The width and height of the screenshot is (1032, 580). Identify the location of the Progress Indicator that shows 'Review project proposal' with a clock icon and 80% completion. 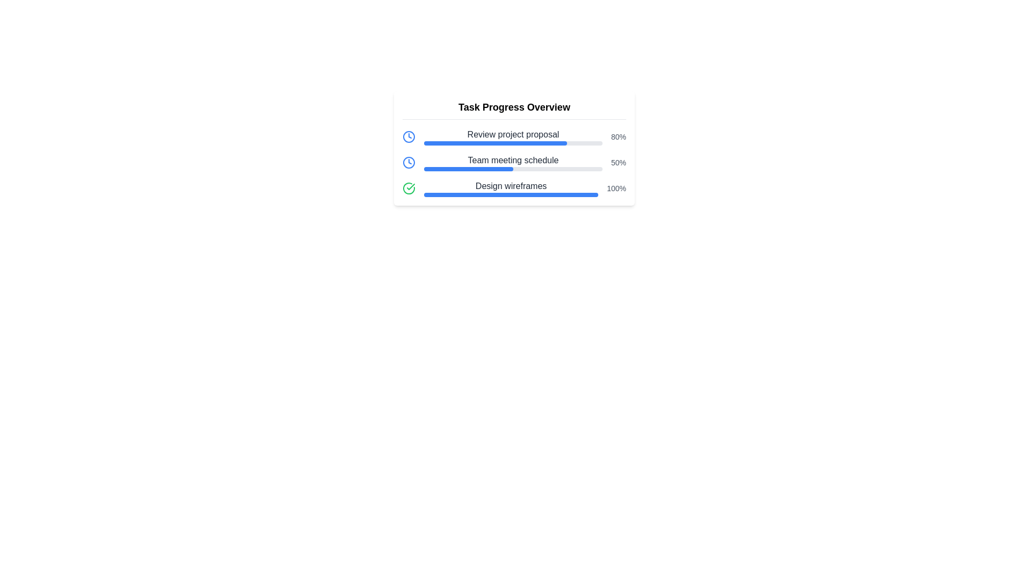
(513, 136).